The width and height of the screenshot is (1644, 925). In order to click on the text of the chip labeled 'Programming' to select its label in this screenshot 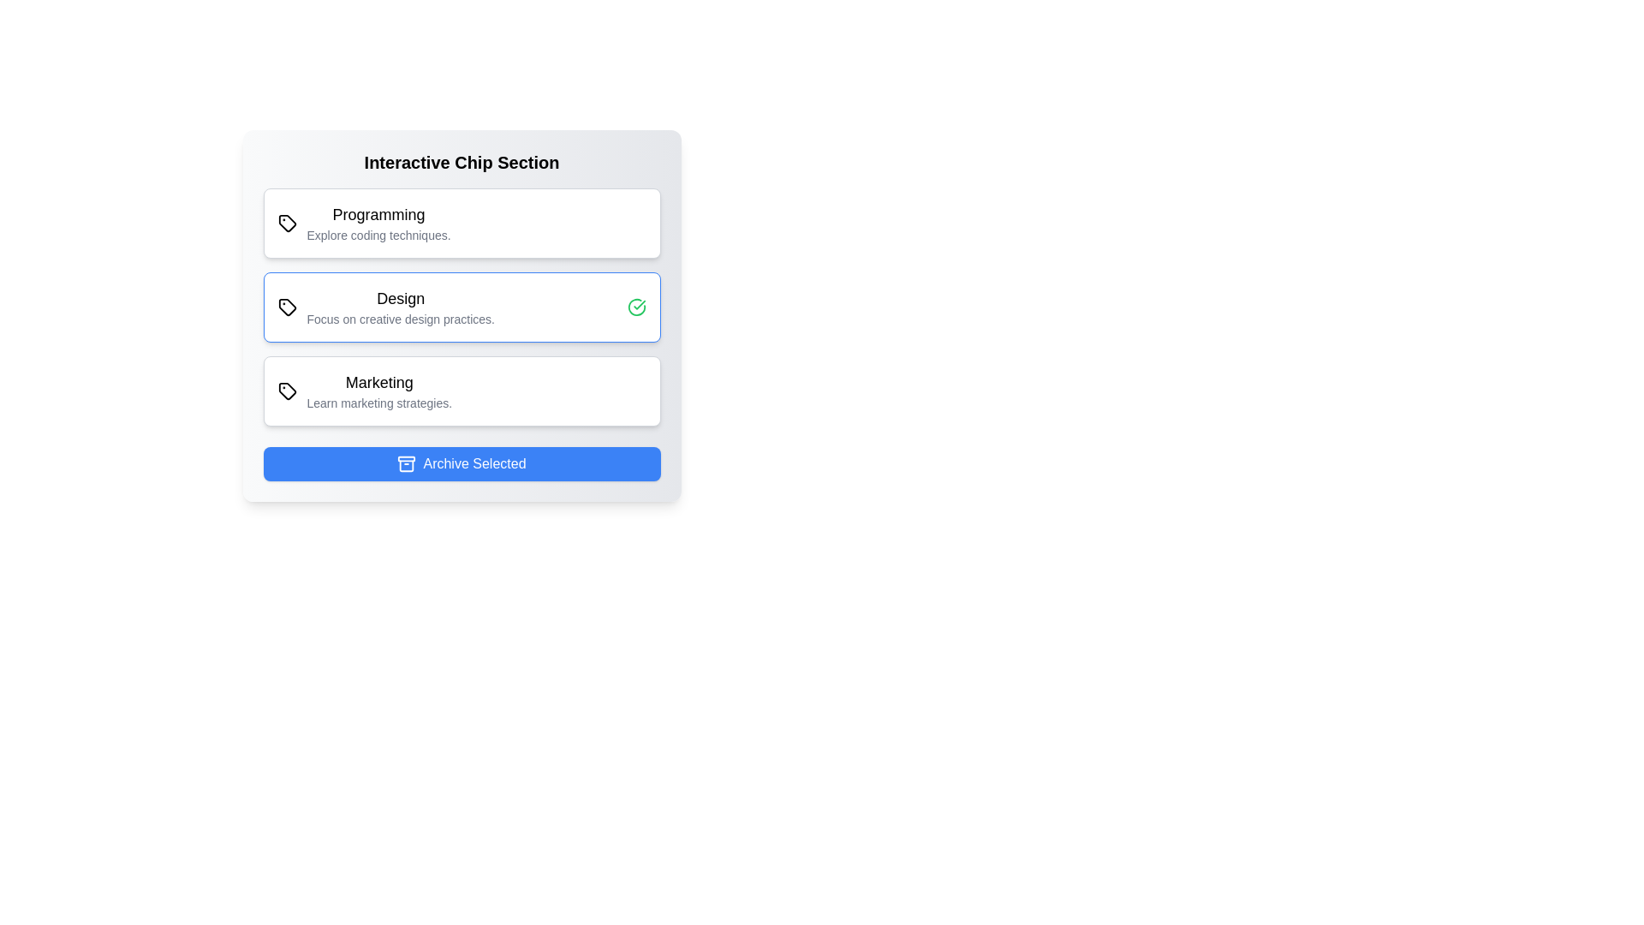, I will do `click(363, 223)`.